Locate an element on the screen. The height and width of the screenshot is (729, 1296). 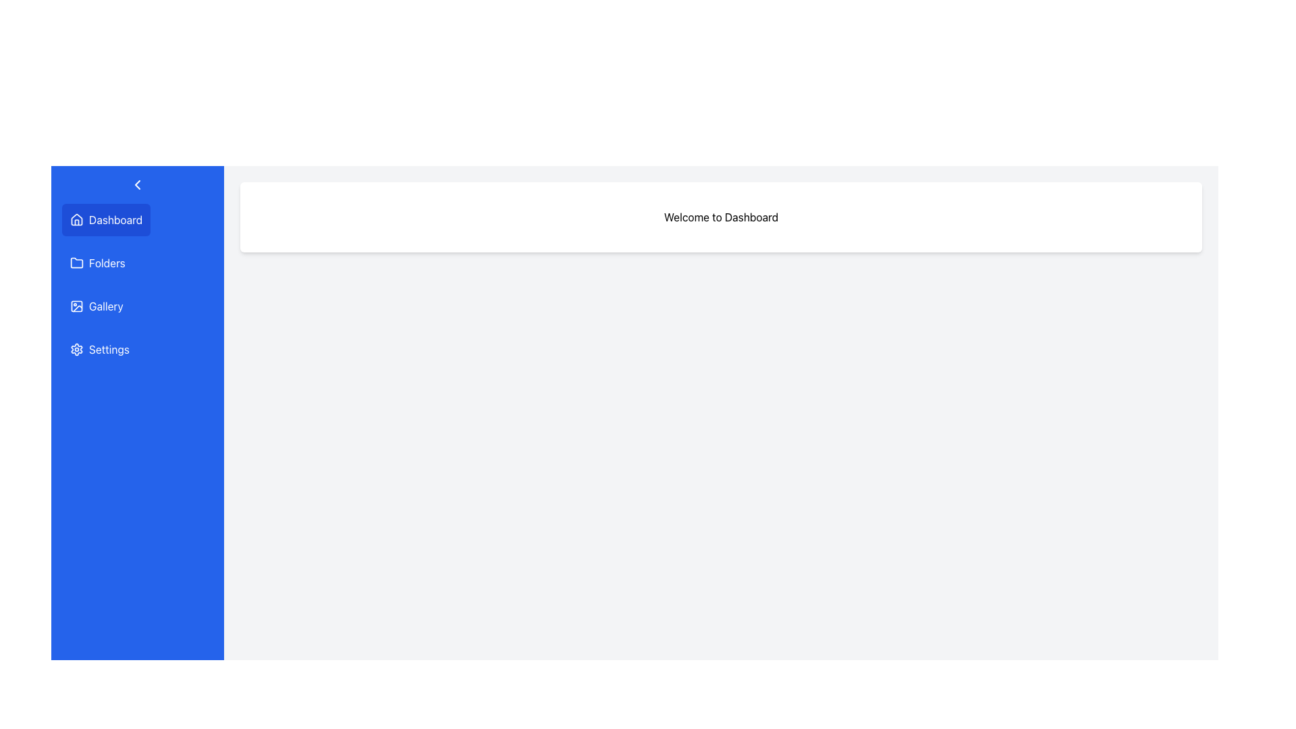
the small, square-shaped icon with a blue background and white outlines representing the 'Gallery' menu option, located to the left of the 'Gallery' text in the sidebar navigation menu is located at coordinates (76, 306).